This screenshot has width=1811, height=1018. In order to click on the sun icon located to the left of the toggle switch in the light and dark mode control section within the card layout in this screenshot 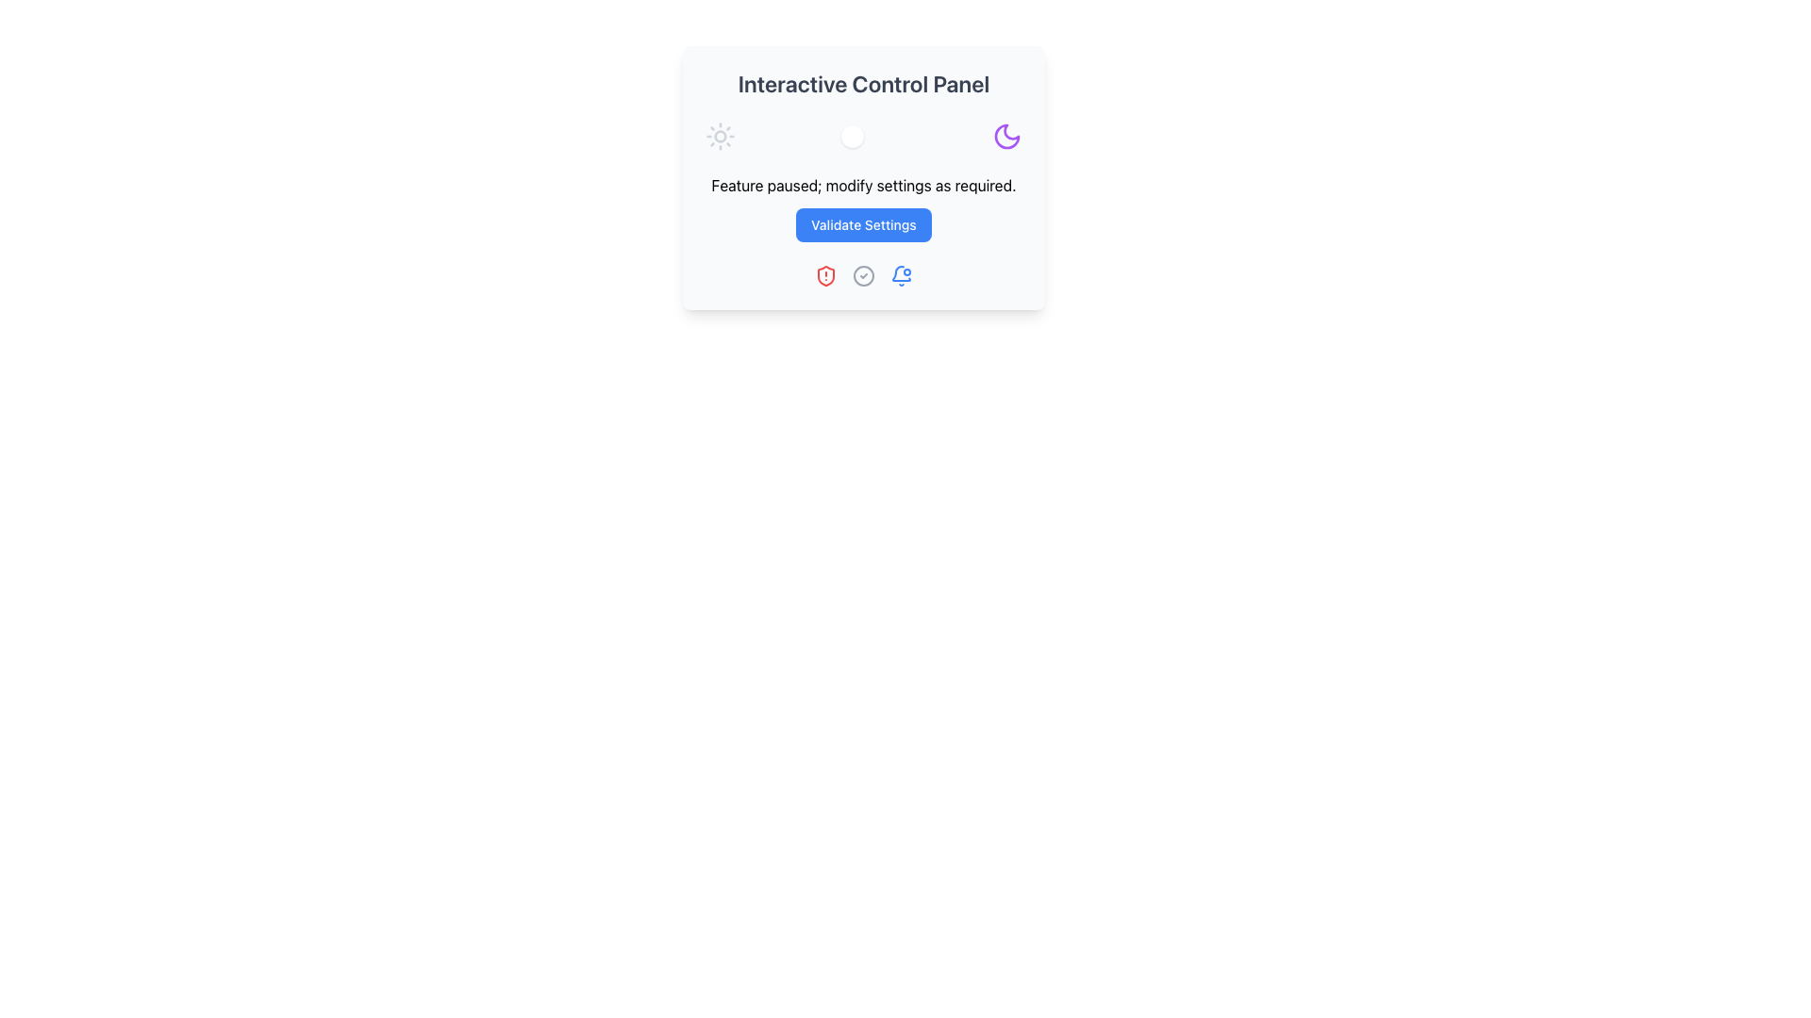, I will do `click(719, 136)`.